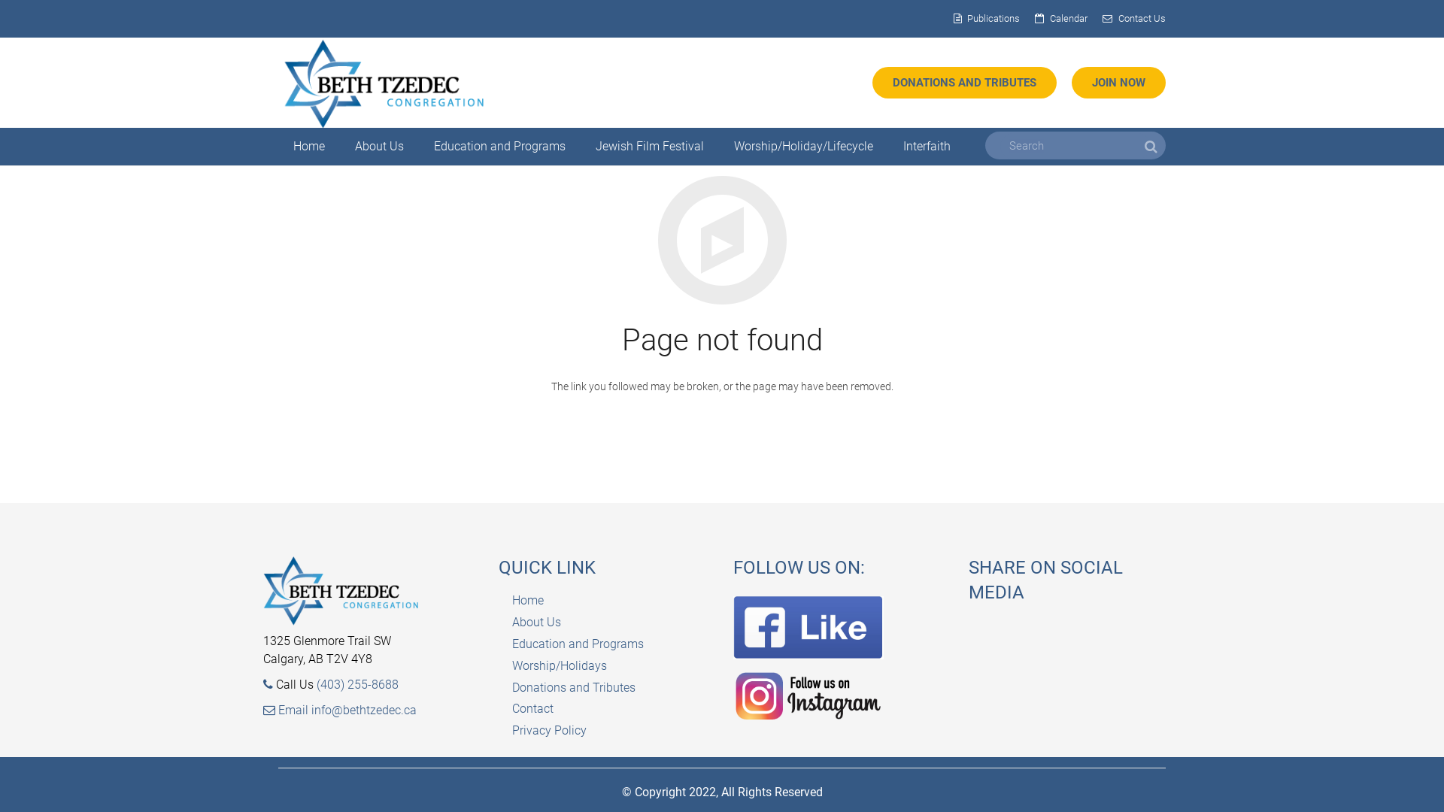 The height and width of the screenshot is (812, 1444). I want to click on 'DONATIONS AND TRIBUTES', so click(872, 83).